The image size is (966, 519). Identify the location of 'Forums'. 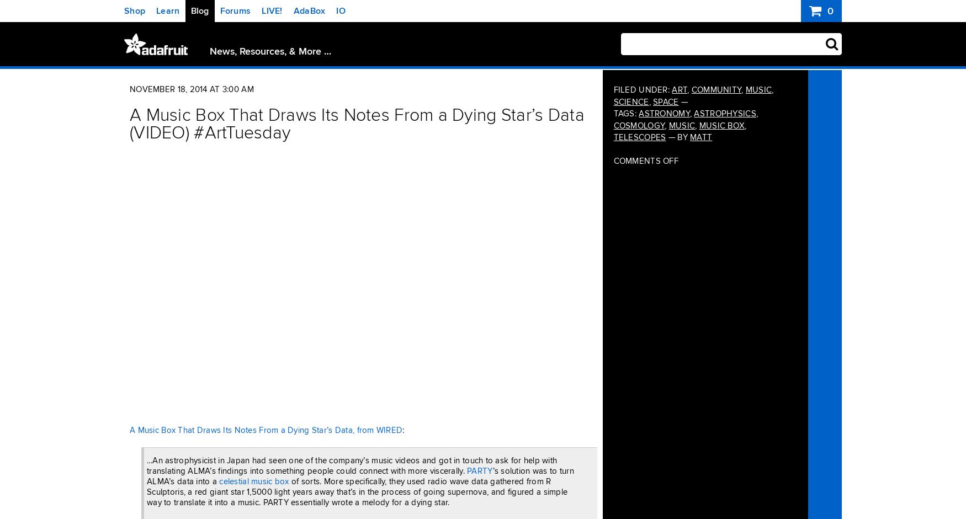
(234, 10).